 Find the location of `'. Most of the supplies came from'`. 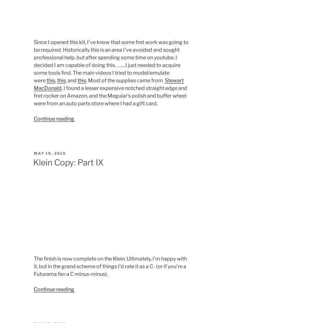

'. Most of the supplies came from' is located at coordinates (125, 80).